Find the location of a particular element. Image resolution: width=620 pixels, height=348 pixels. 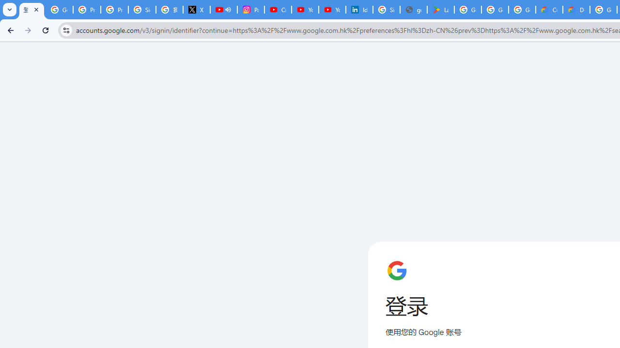

'Privacy Help Center - Policies Help' is located at coordinates (87, 10).